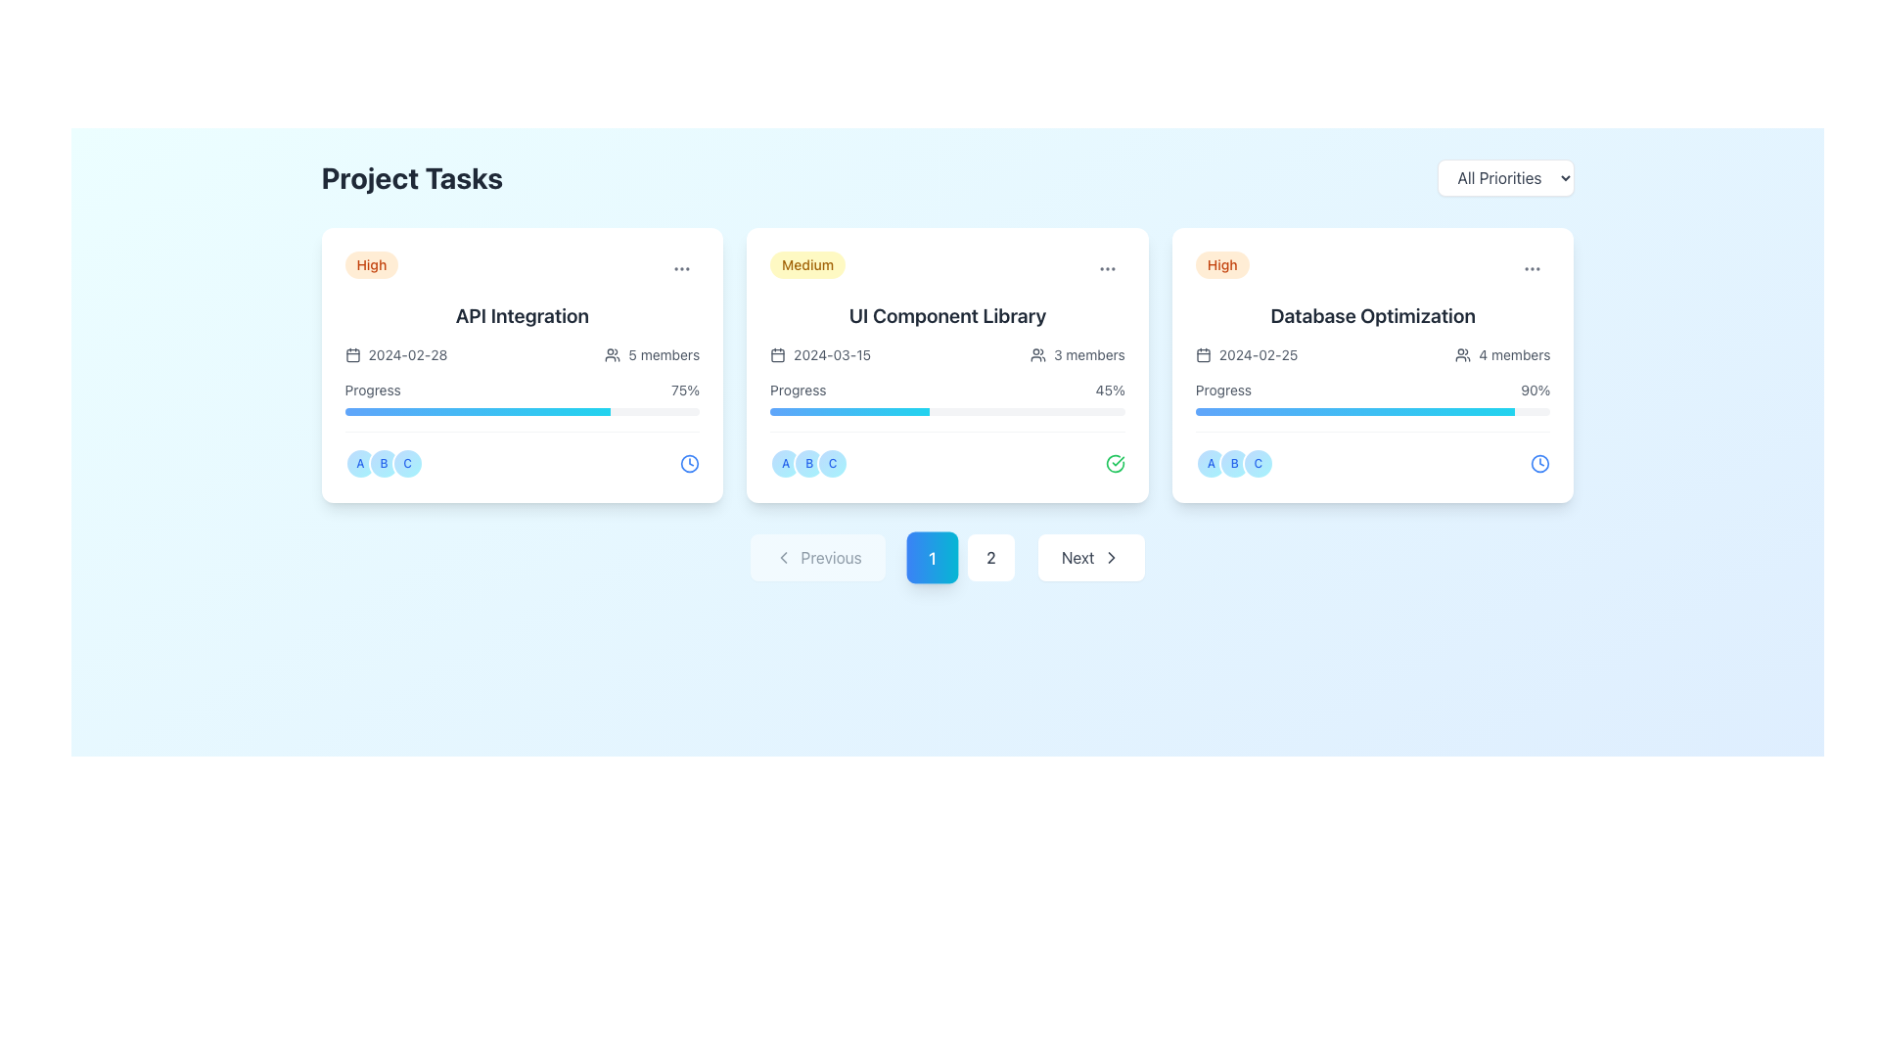 Image resolution: width=1879 pixels, height=1057 pixels. Describe the element at coordinates (685, 390) in the screenshot. I see `informational text displaying the progress percentage ('75%') for the task labeled as 'API Integration', located within the card titled 'API Integration' in the 'Project Tasks' interface, to the right of the 'Progress' label and above the progress bar` at that location.